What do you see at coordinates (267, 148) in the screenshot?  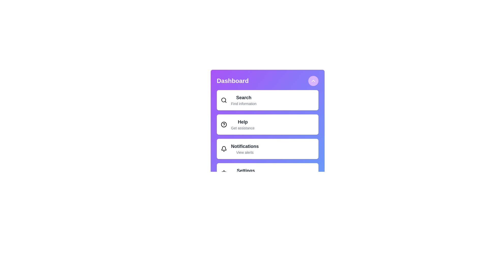 I see `the menu item labeled Notifications to select it` at bounding box center [267, 148].